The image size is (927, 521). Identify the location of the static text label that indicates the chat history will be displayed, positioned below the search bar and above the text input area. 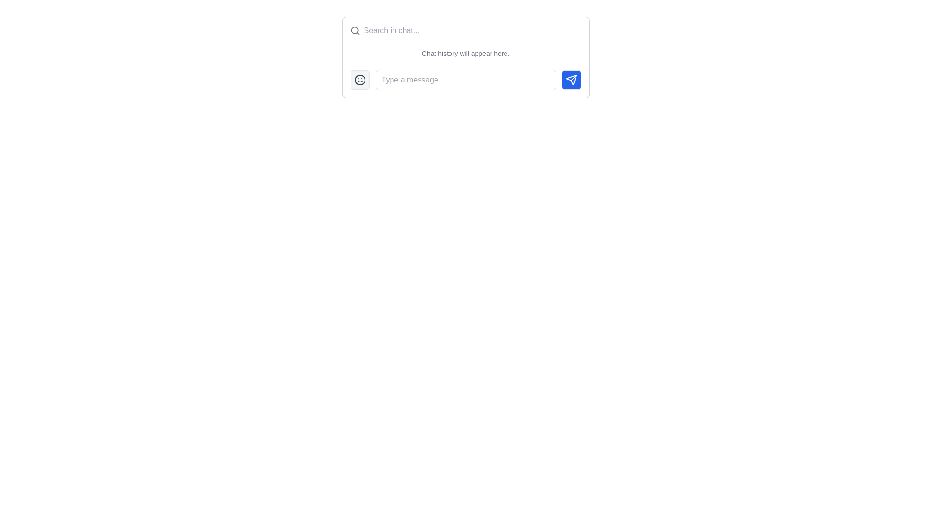
(465, 57).